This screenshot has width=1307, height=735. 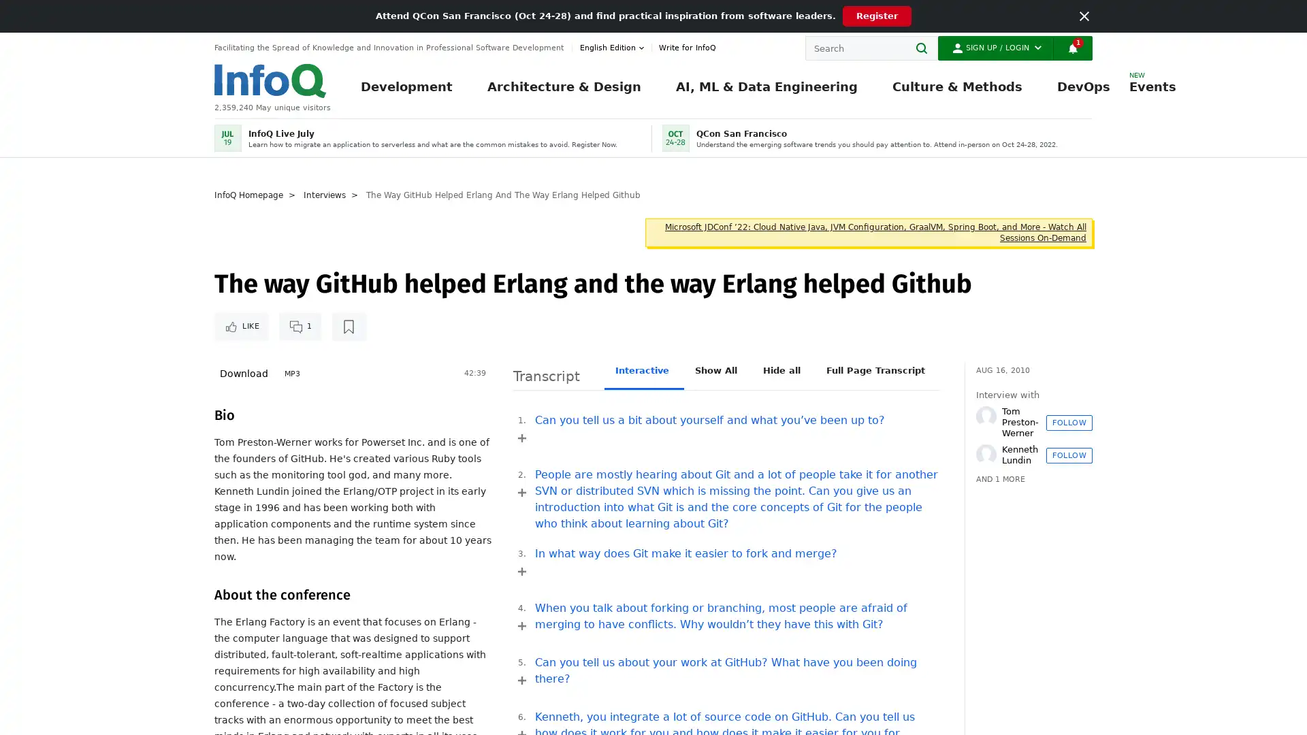 I want to click on Sign Up / Login, so click(x=995, y=47).